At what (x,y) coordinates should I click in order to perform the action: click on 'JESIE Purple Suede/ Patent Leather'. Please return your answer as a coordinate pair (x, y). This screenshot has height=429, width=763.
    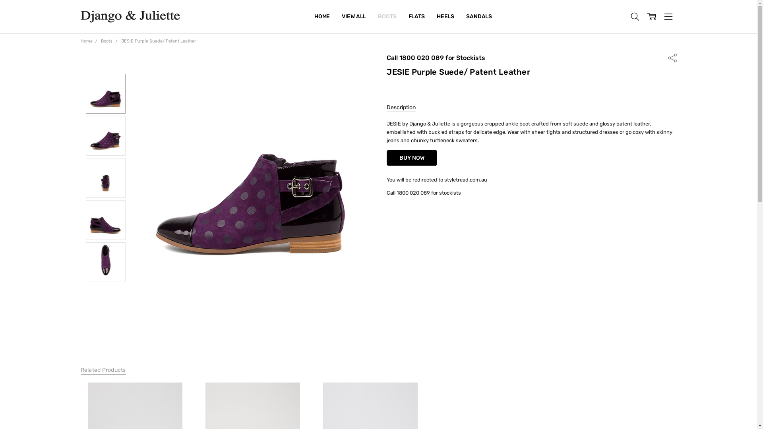
    Looking at the image, I should click on (105, 262).